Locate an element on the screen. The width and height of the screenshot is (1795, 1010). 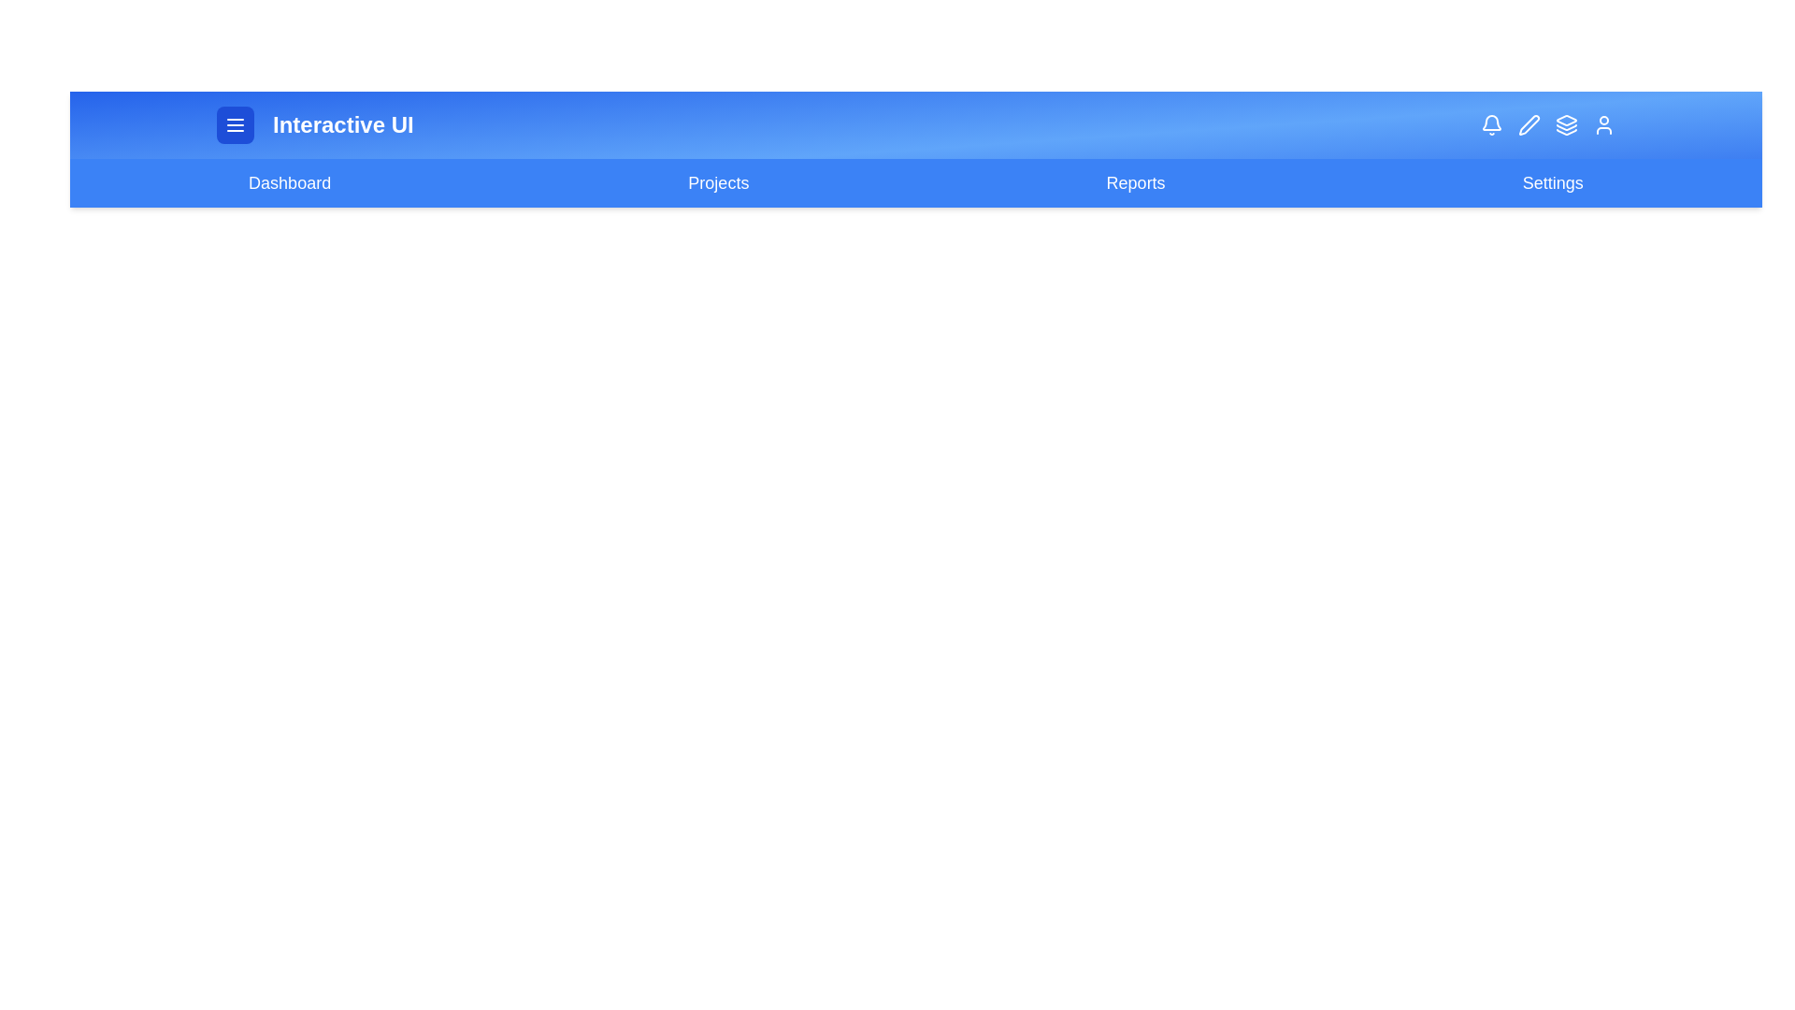
the navigation link labeled 'Dashboard' to navigate to the respective page is located at coordinates (289, 183).